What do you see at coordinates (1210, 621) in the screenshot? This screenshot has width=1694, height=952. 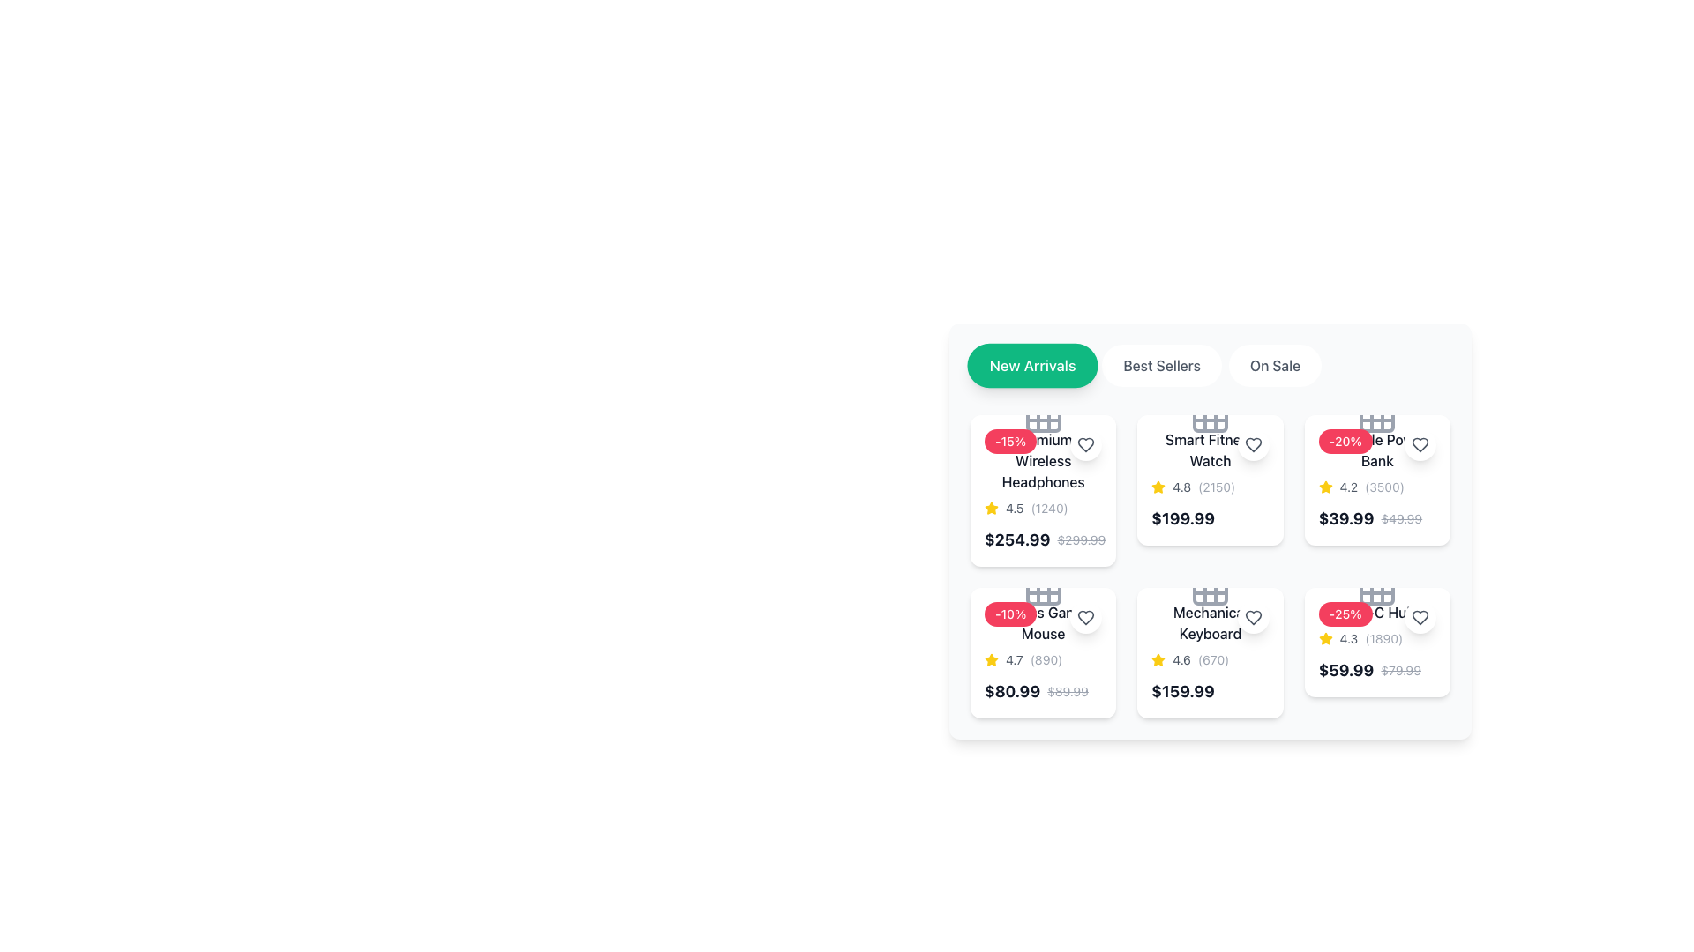 I see `the 'Mechanical Keyboard' text label, which is styled with a medium font weight and dark gray color, located in the second row and third column of the grid` at bounding box center [1210, 621].